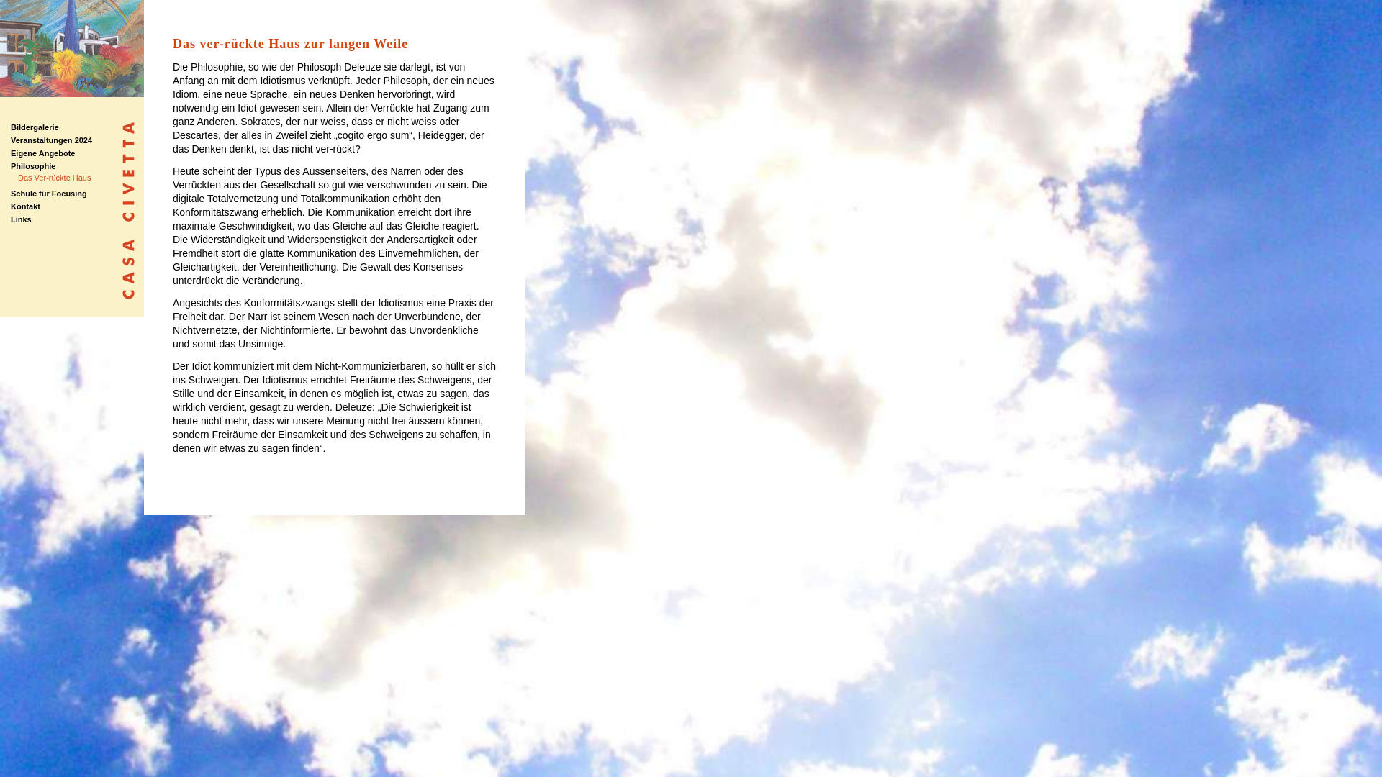  Describe the element at coordinates (1364, 19) in the screenshot. I see `'WebYep Anmeldung'` at that location.